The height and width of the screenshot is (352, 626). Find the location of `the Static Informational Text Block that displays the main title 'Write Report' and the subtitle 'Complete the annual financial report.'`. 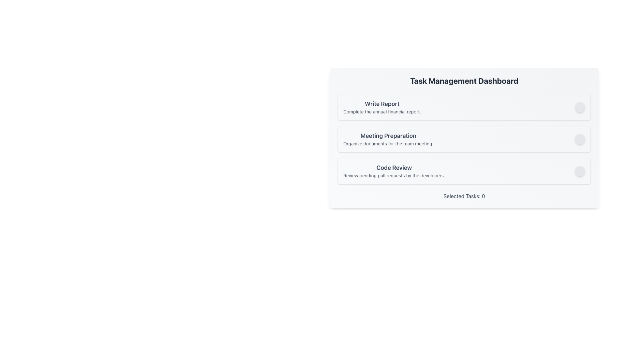

the Static Informational Text Block that displays the main title 'Write Report' and the subtitle 'Complete the annual financial report.' is located at coordinates (382, 107).